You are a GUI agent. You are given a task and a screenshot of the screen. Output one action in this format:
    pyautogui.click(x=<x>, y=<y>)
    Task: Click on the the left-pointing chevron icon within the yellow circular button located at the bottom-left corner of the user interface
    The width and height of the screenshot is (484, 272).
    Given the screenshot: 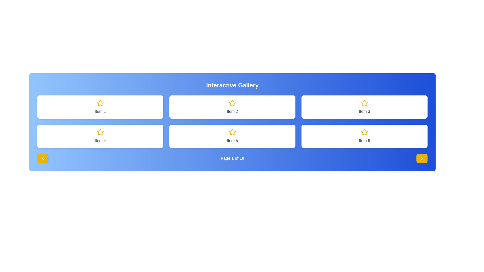 What is the action you would take?
    pyautogui.click(x=43, y=158)
    